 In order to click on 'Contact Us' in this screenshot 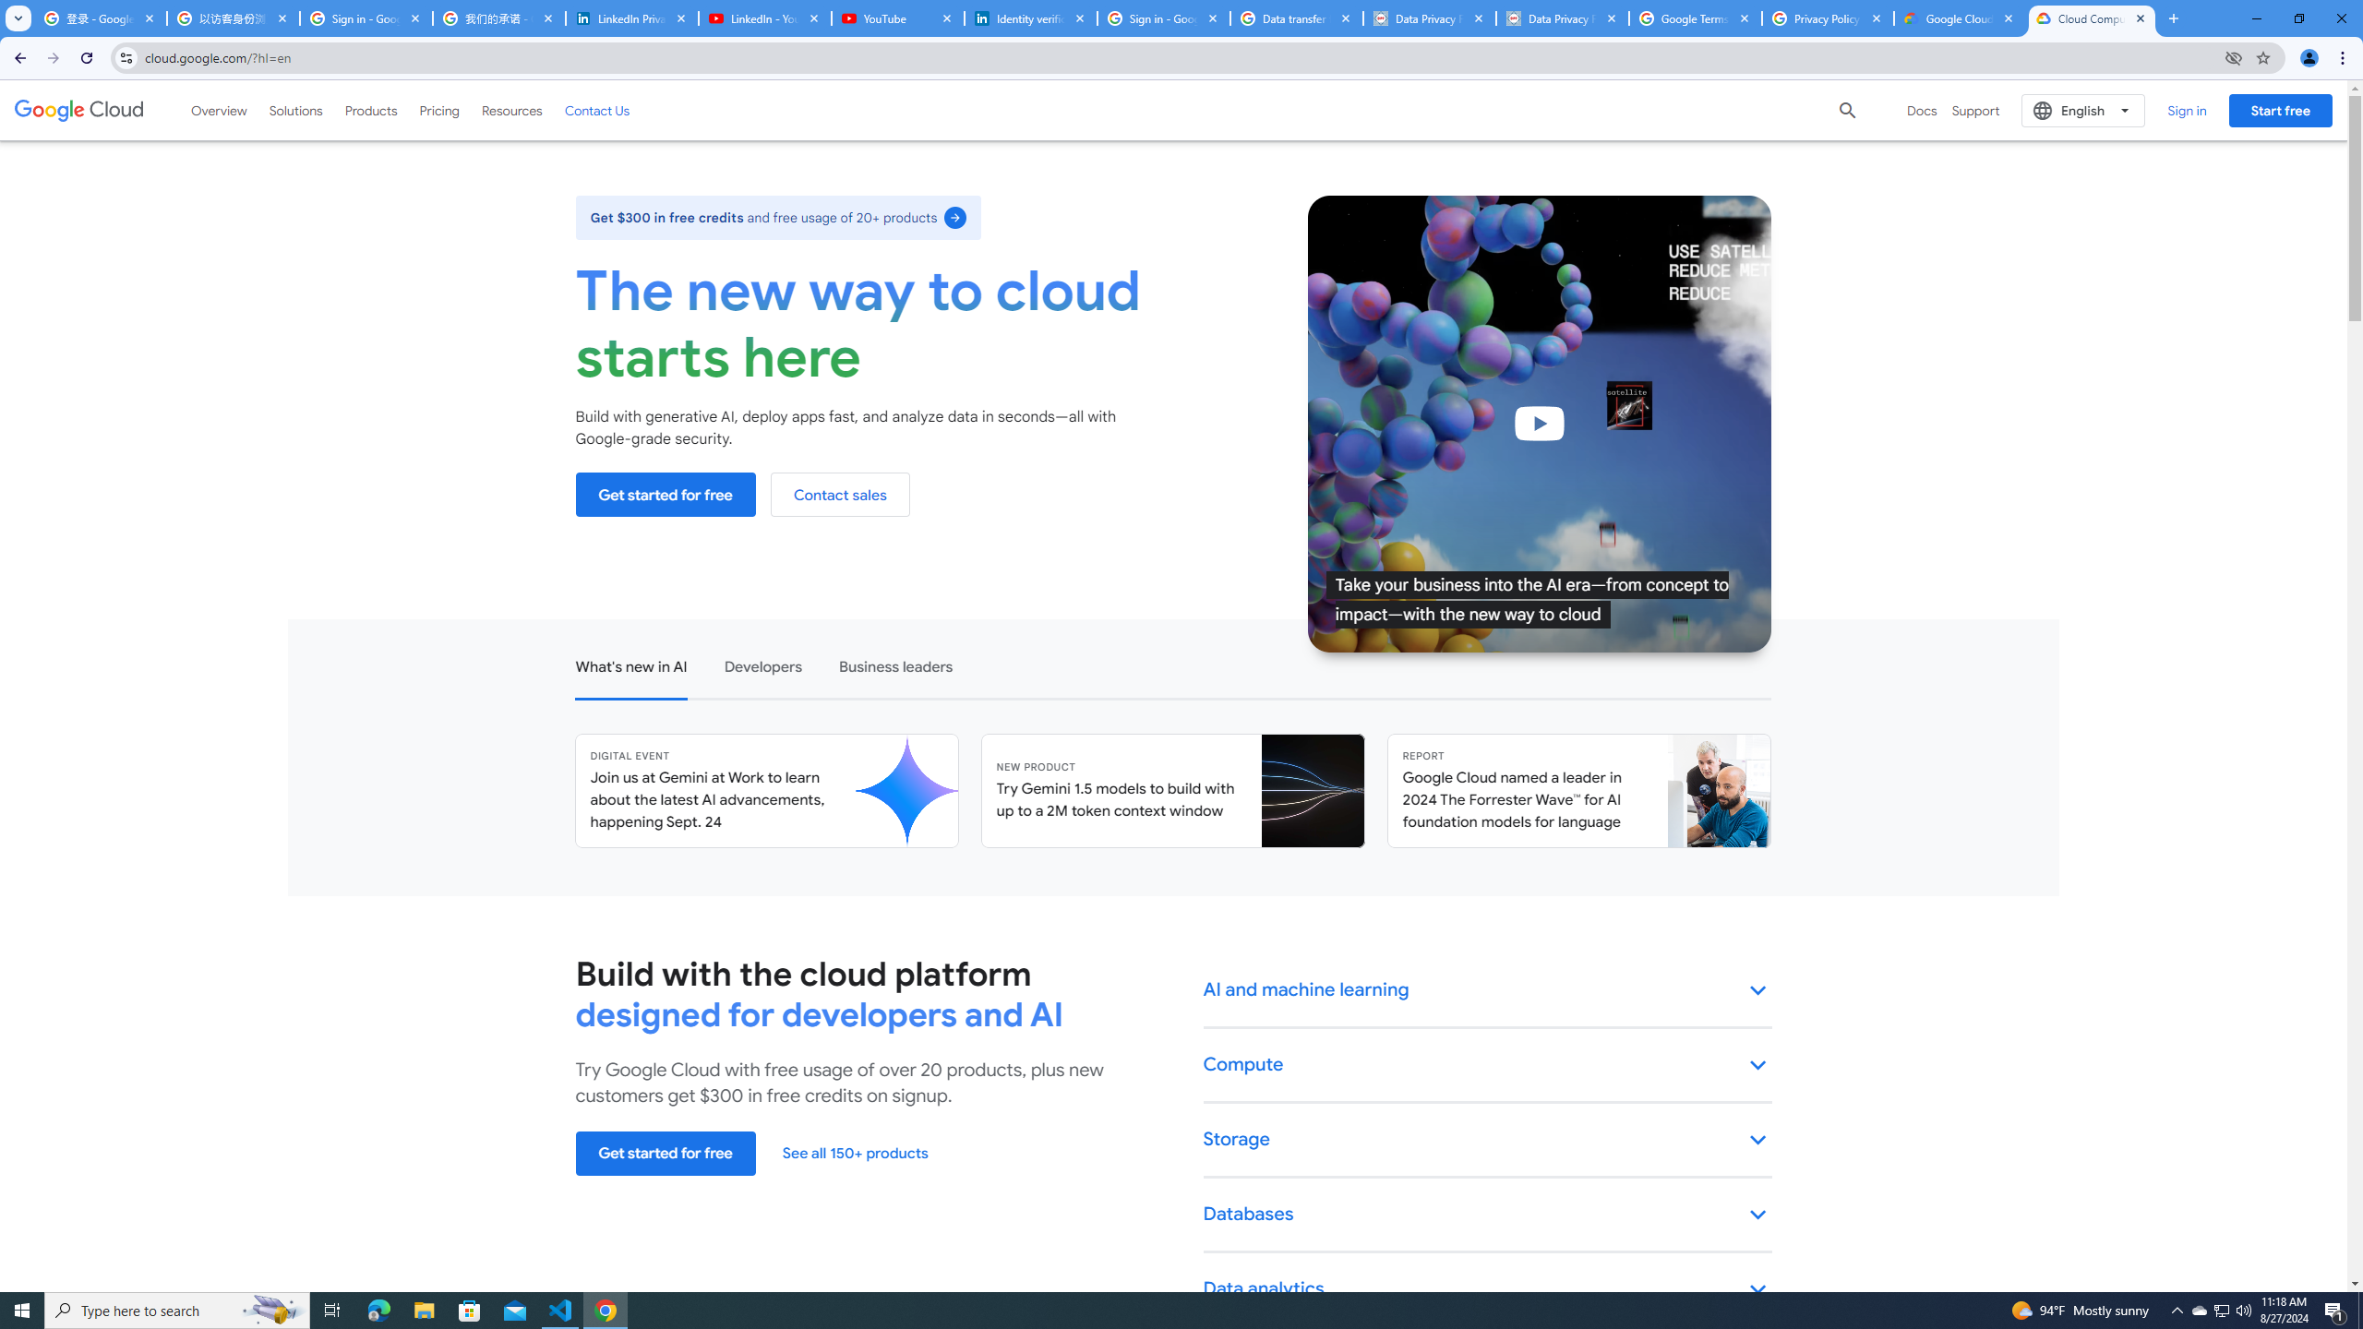, I will do `click(597, 110)`.